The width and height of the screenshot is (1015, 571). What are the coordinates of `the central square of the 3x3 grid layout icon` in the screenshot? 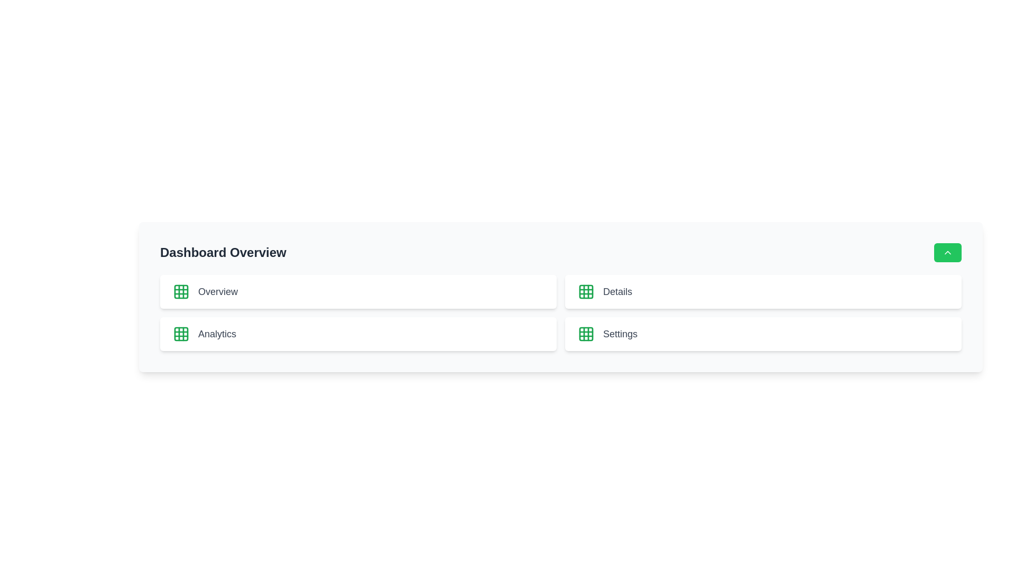 It's located at (181, 291).